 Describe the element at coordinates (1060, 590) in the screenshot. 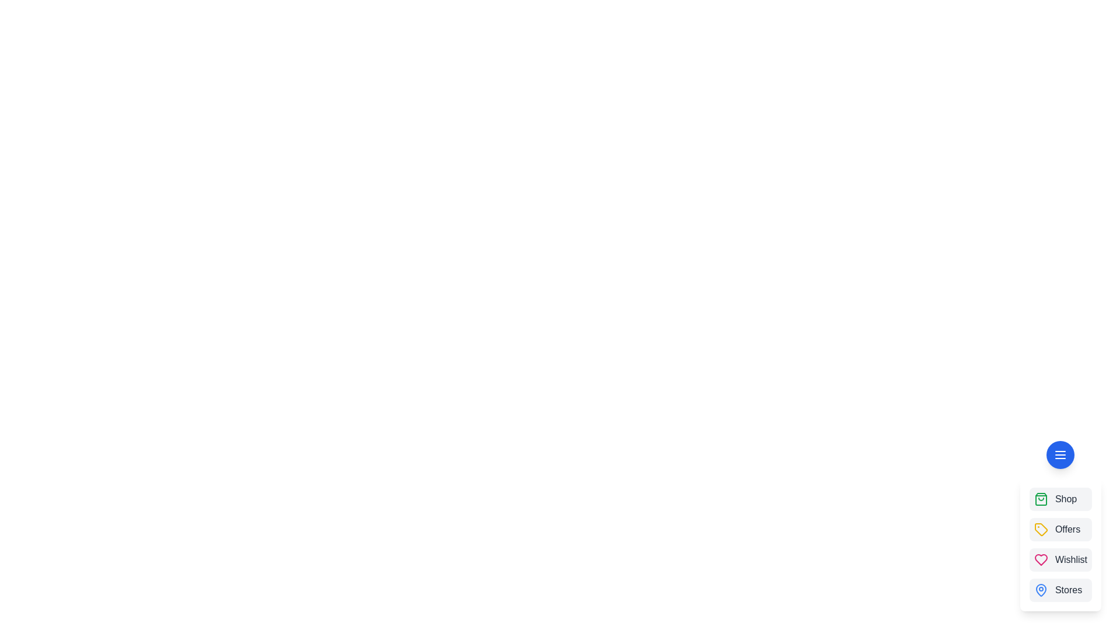

I see `the 'Stores' button in the speed dial menu` at that location.